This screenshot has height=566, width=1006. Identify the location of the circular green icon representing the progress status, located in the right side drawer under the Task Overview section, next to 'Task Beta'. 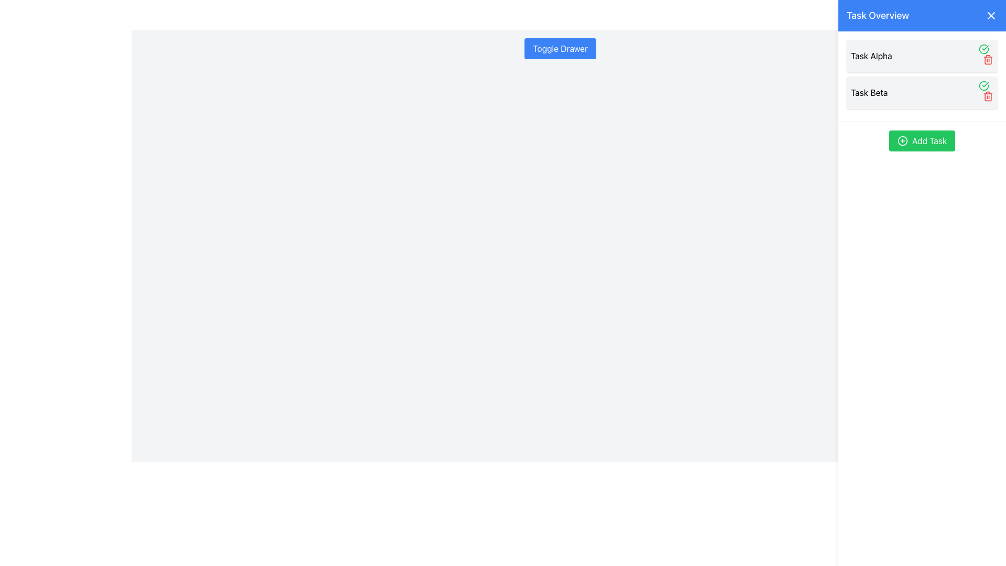
(983, 49).